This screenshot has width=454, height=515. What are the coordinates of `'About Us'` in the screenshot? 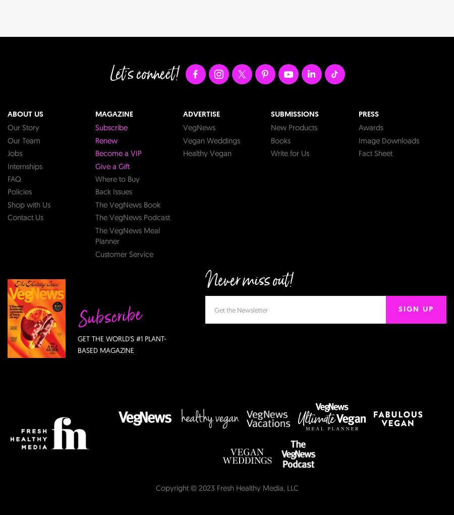 It's located at (25, 114).